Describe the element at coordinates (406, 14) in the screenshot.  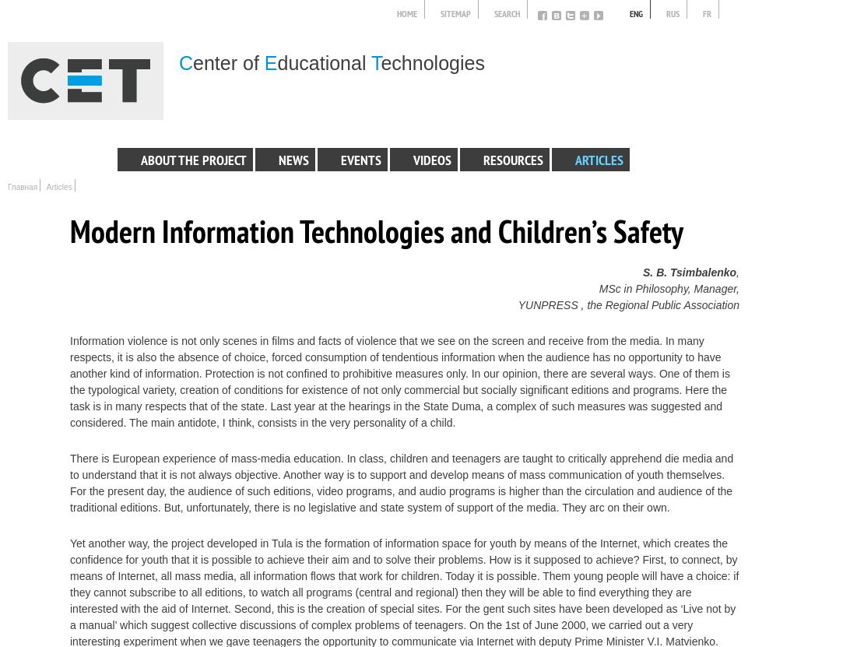
I see `'Home'` at that location.